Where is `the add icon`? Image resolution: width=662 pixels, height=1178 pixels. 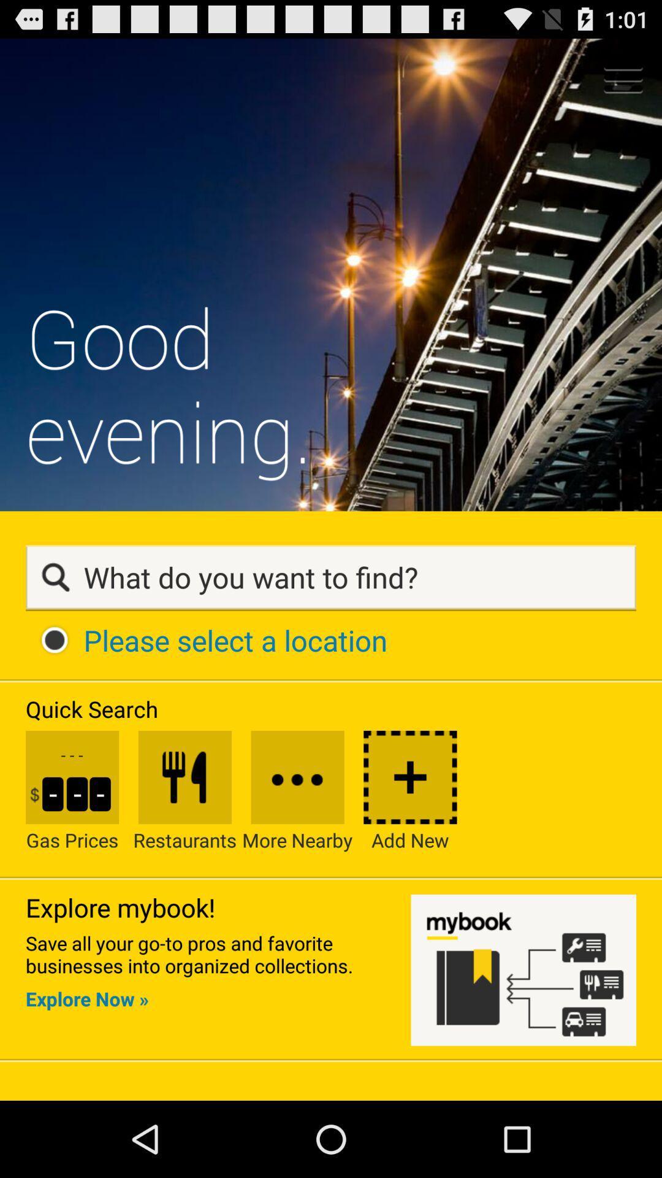
the add icon is located at coordinates (410, 849).